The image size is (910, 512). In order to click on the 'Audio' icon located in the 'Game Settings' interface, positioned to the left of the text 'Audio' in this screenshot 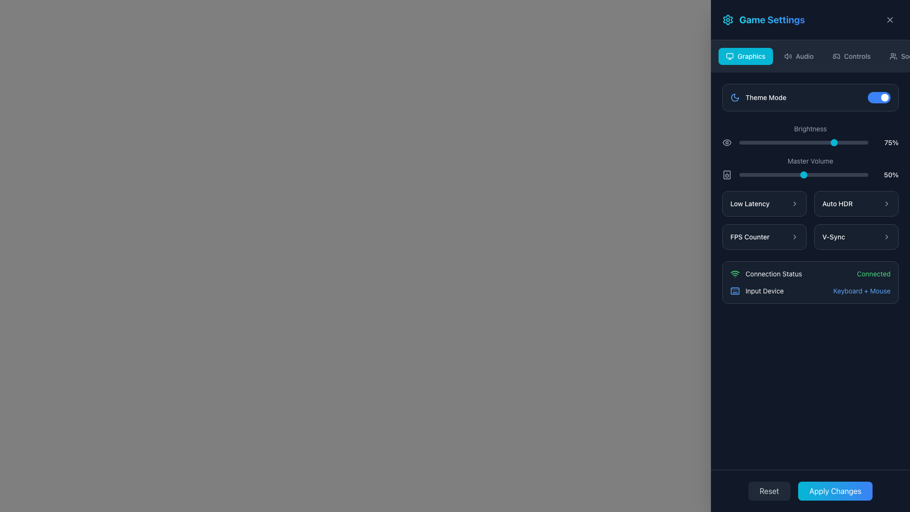, I will do `click(788, 56)`.